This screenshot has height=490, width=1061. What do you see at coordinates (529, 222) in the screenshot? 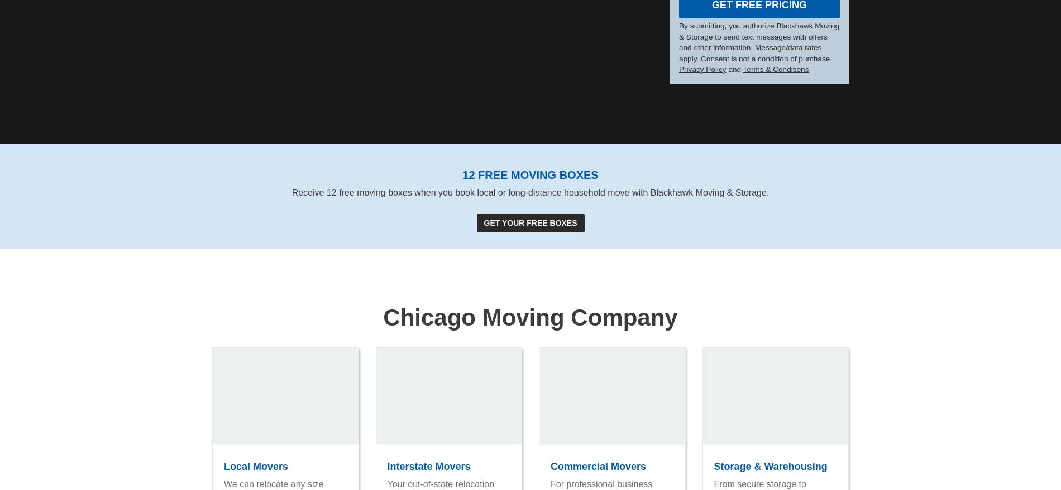
I see `'Get Your Free Boxes'` at bounding box center [529, 222].